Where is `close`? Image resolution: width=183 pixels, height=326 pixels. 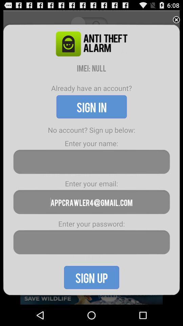 close is located at coordinates (176, 19).